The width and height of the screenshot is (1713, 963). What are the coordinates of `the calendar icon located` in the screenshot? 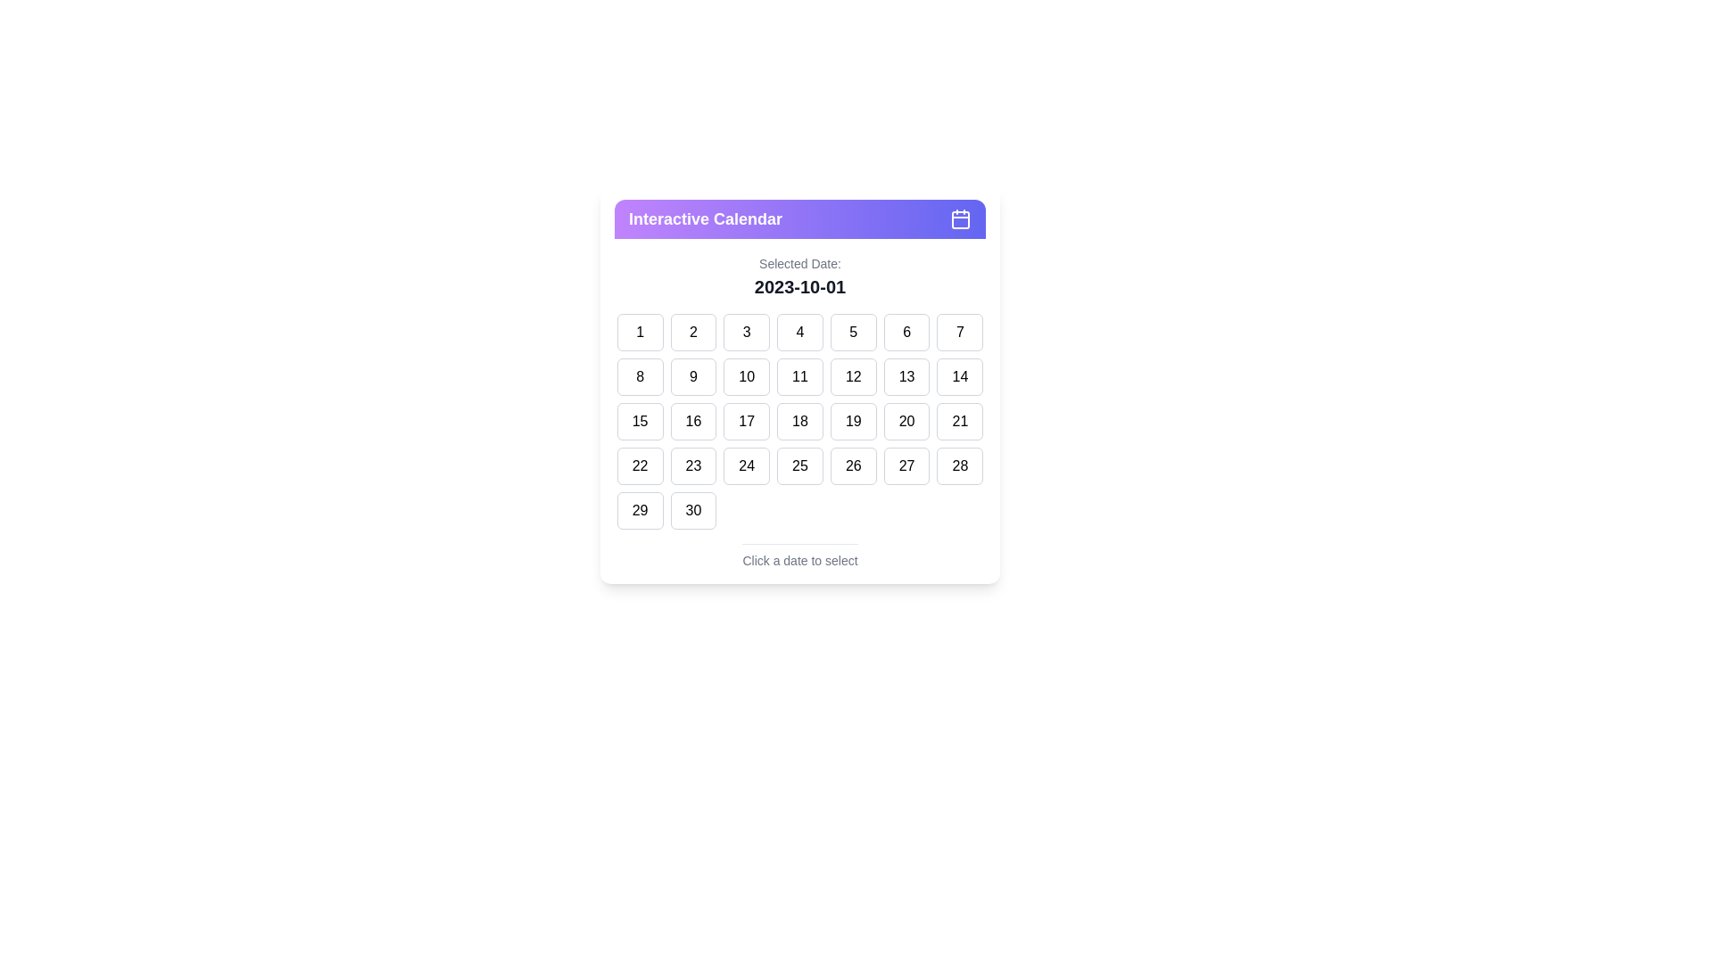 It's located at (959, 218).